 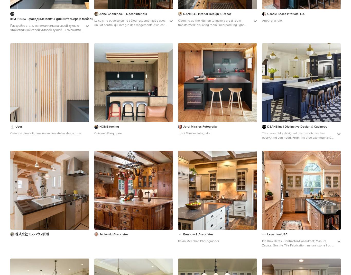 What do you see at coordinates (123, 13) in the screenshot?
I see `'Anne Chemineau - Decor Interieur'` at bounding box center [123, 13].